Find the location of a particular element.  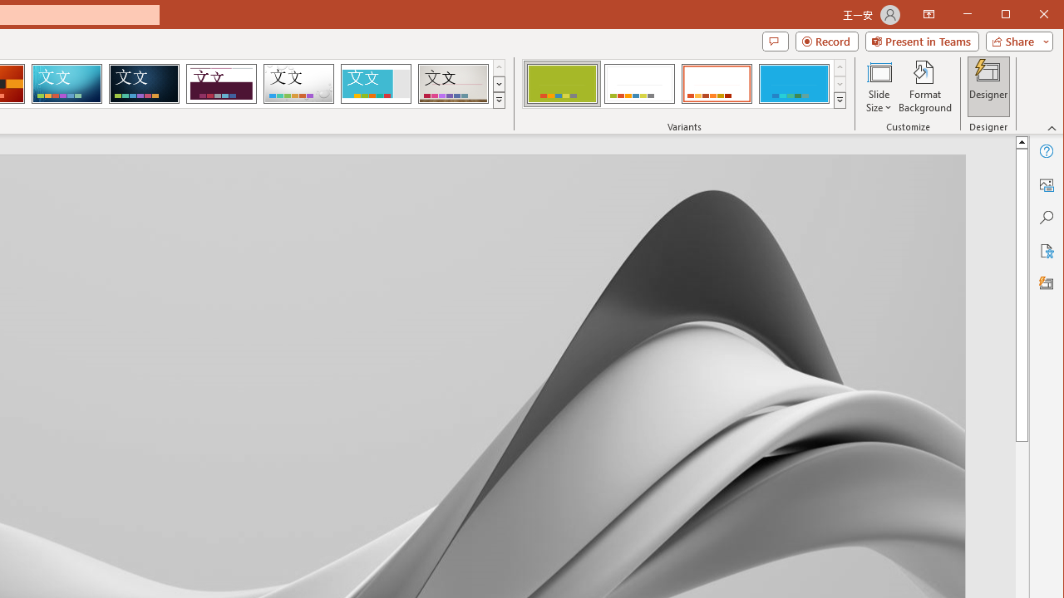

'Dividend' is located at coordinates (220, 83).